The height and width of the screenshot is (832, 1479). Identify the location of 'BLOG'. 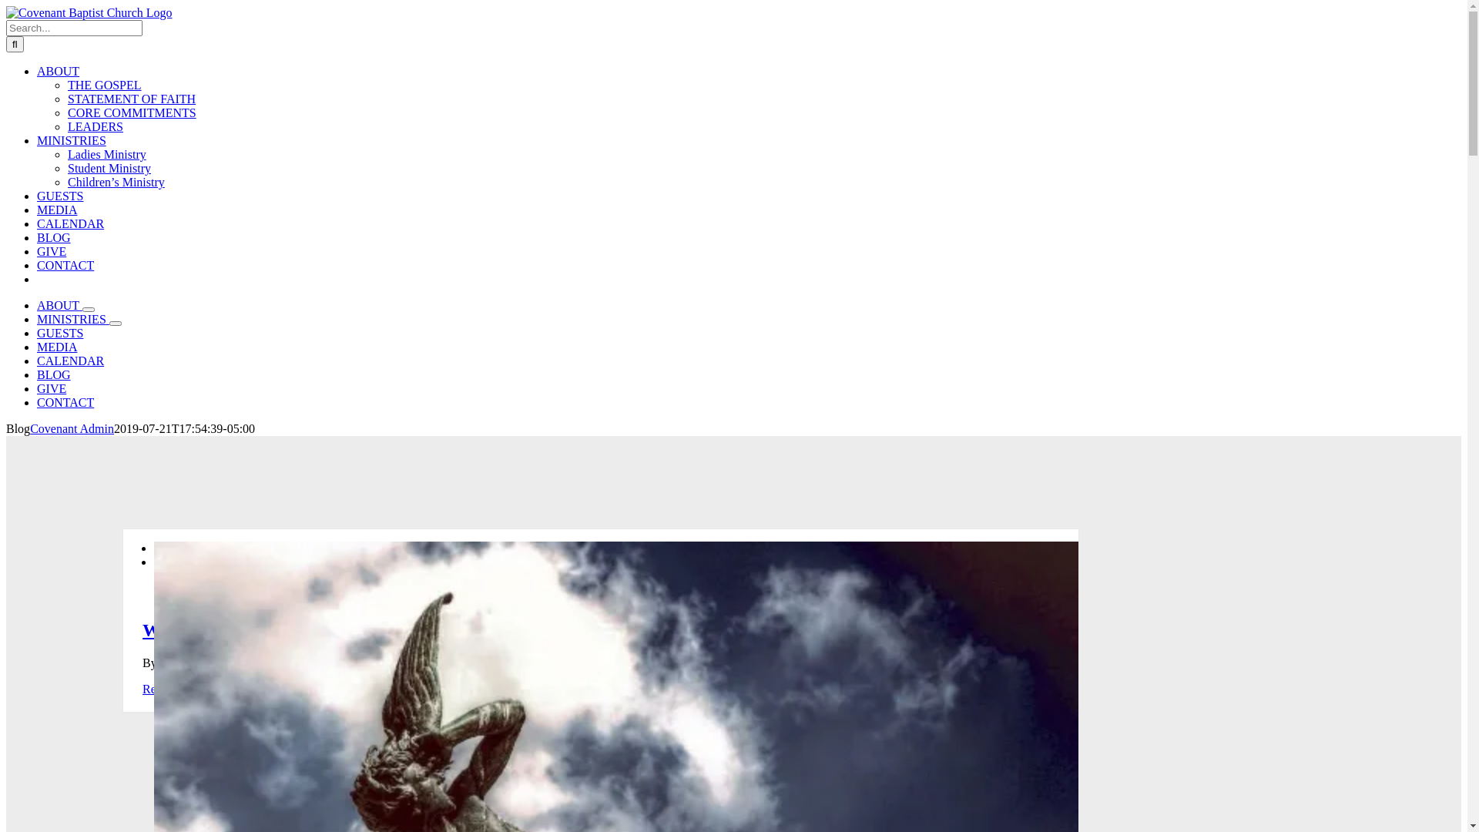
(54, 374).